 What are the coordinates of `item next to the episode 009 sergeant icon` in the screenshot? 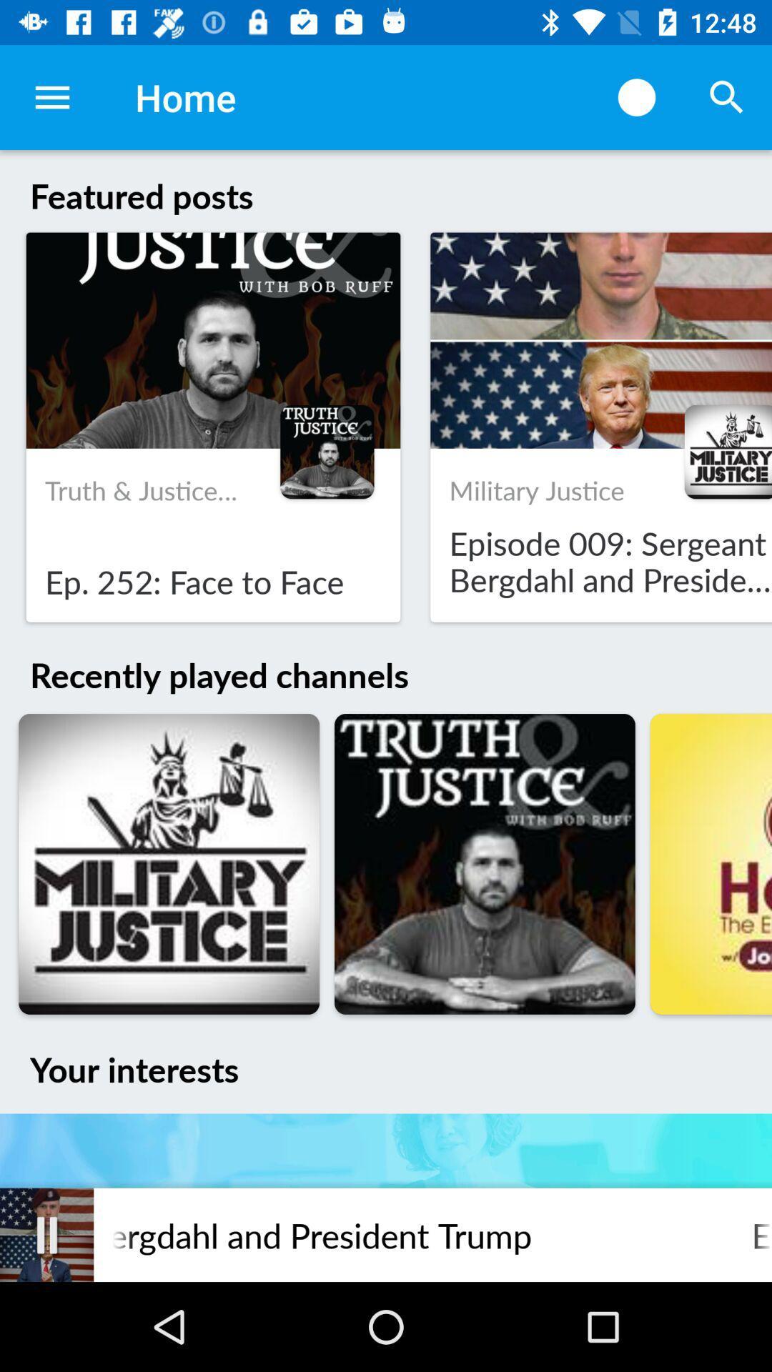 It's located at (46, 1234).